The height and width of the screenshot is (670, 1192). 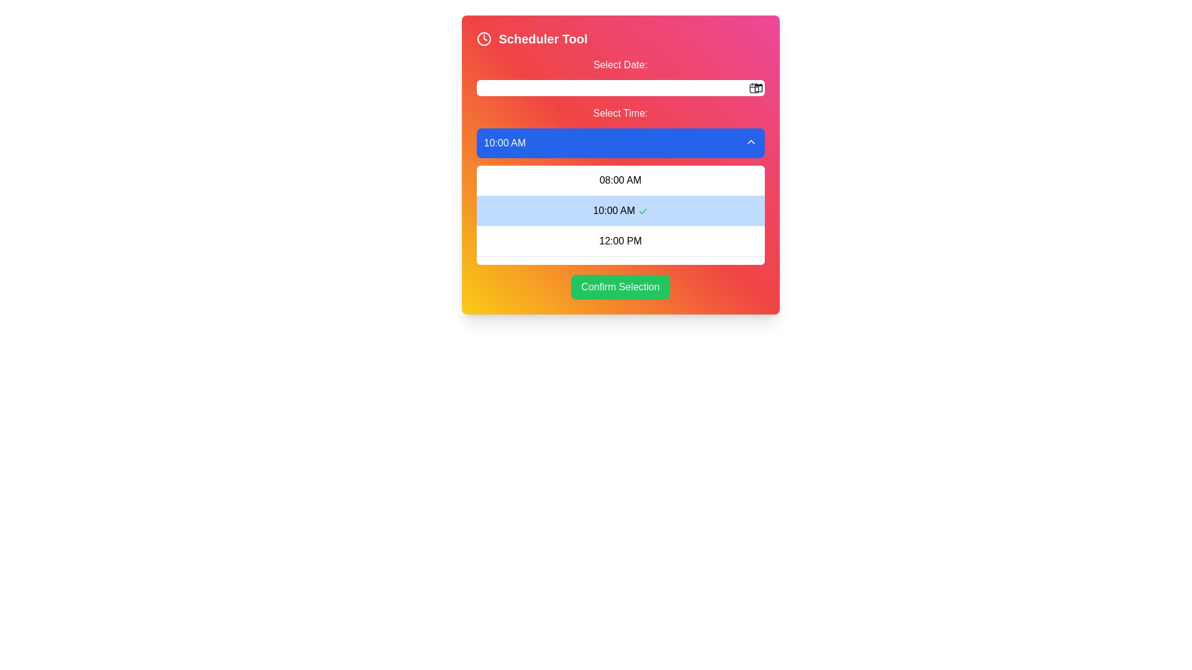 What do you see at coordinates (483, 38) in the screenshot?
I see `the decorative icon for the 'Scheduler Tool' positioned in the top-left corner of the header section` at bounding box center [483, 38].